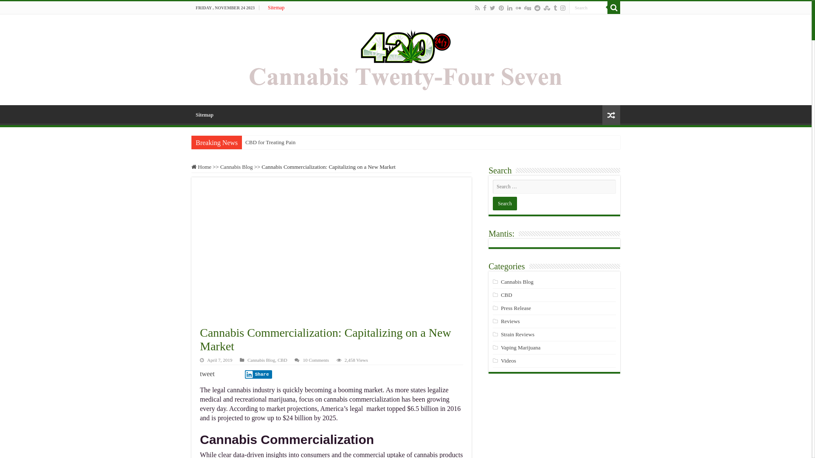 The image size is (815, 458). Describe the element at coordinates (207, 373) in the screenshot. I see `'tweet'` at that location.